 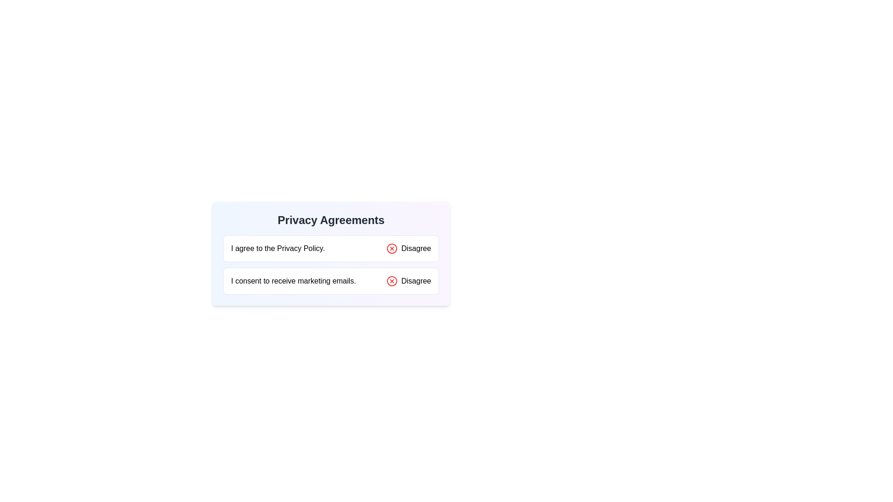 I want to click on the 'Disagree' text label next to the cross icon in the footer of the 'Privacy Agreements' section, so click(x=415, y=281).